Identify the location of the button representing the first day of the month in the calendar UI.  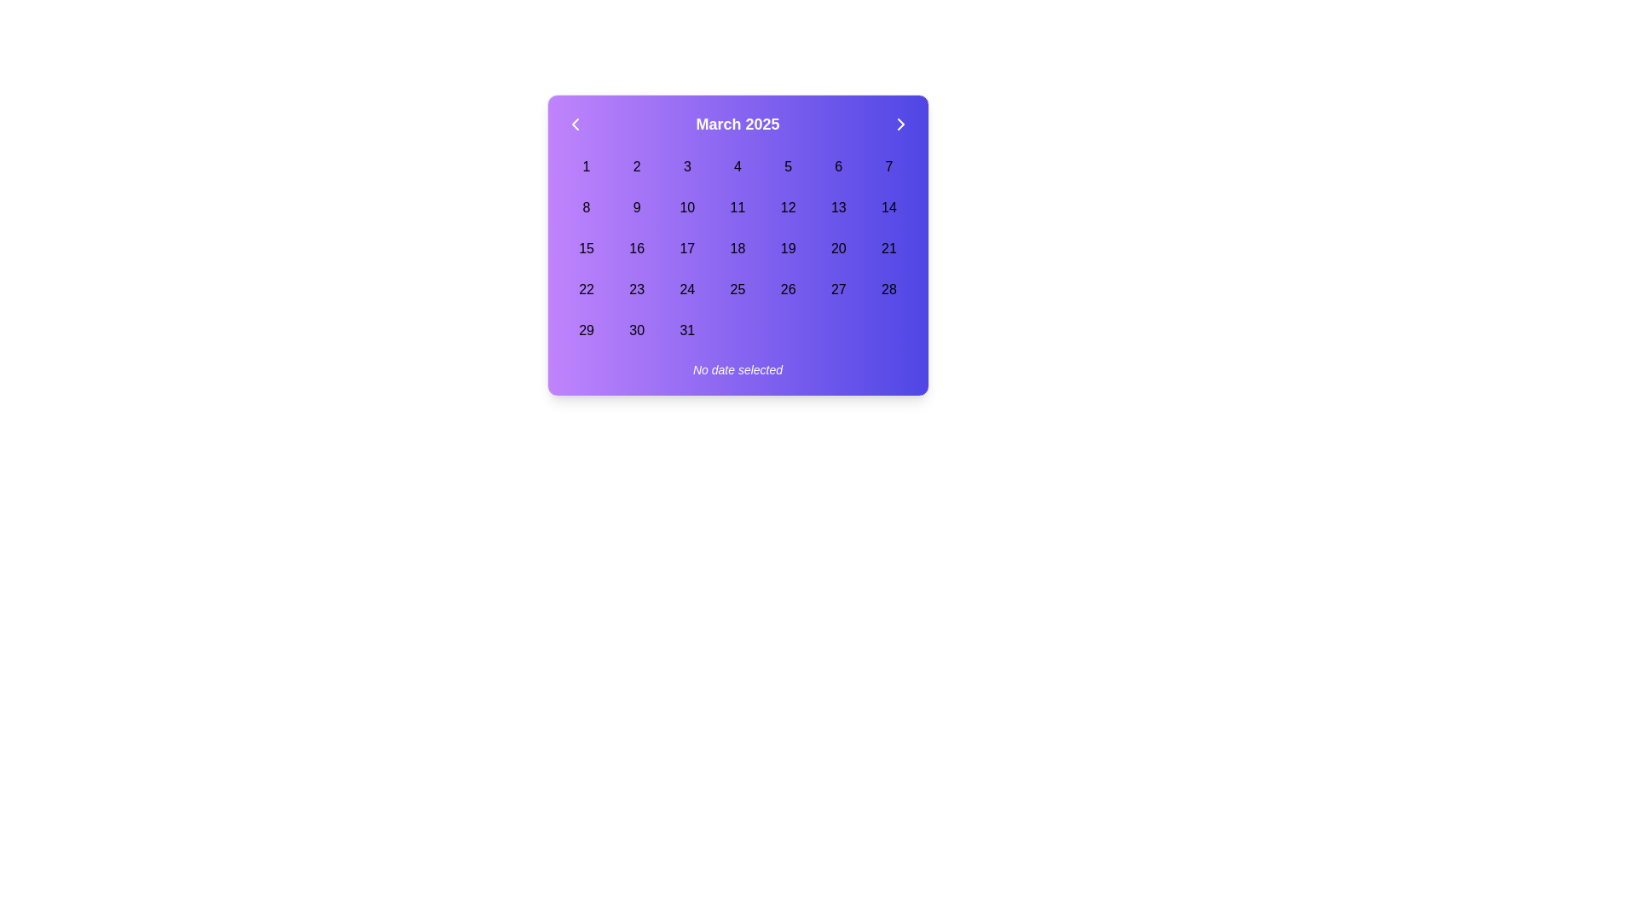
(586, 167).